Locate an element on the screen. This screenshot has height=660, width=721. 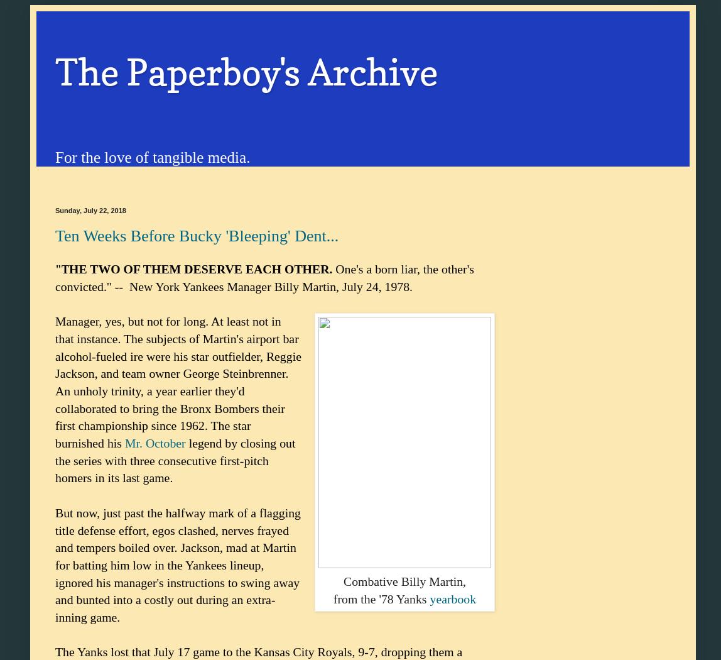
'legend by closing out the series with three consecutive first-pitch homers in its last game.' is located at coordinates (175, 459).